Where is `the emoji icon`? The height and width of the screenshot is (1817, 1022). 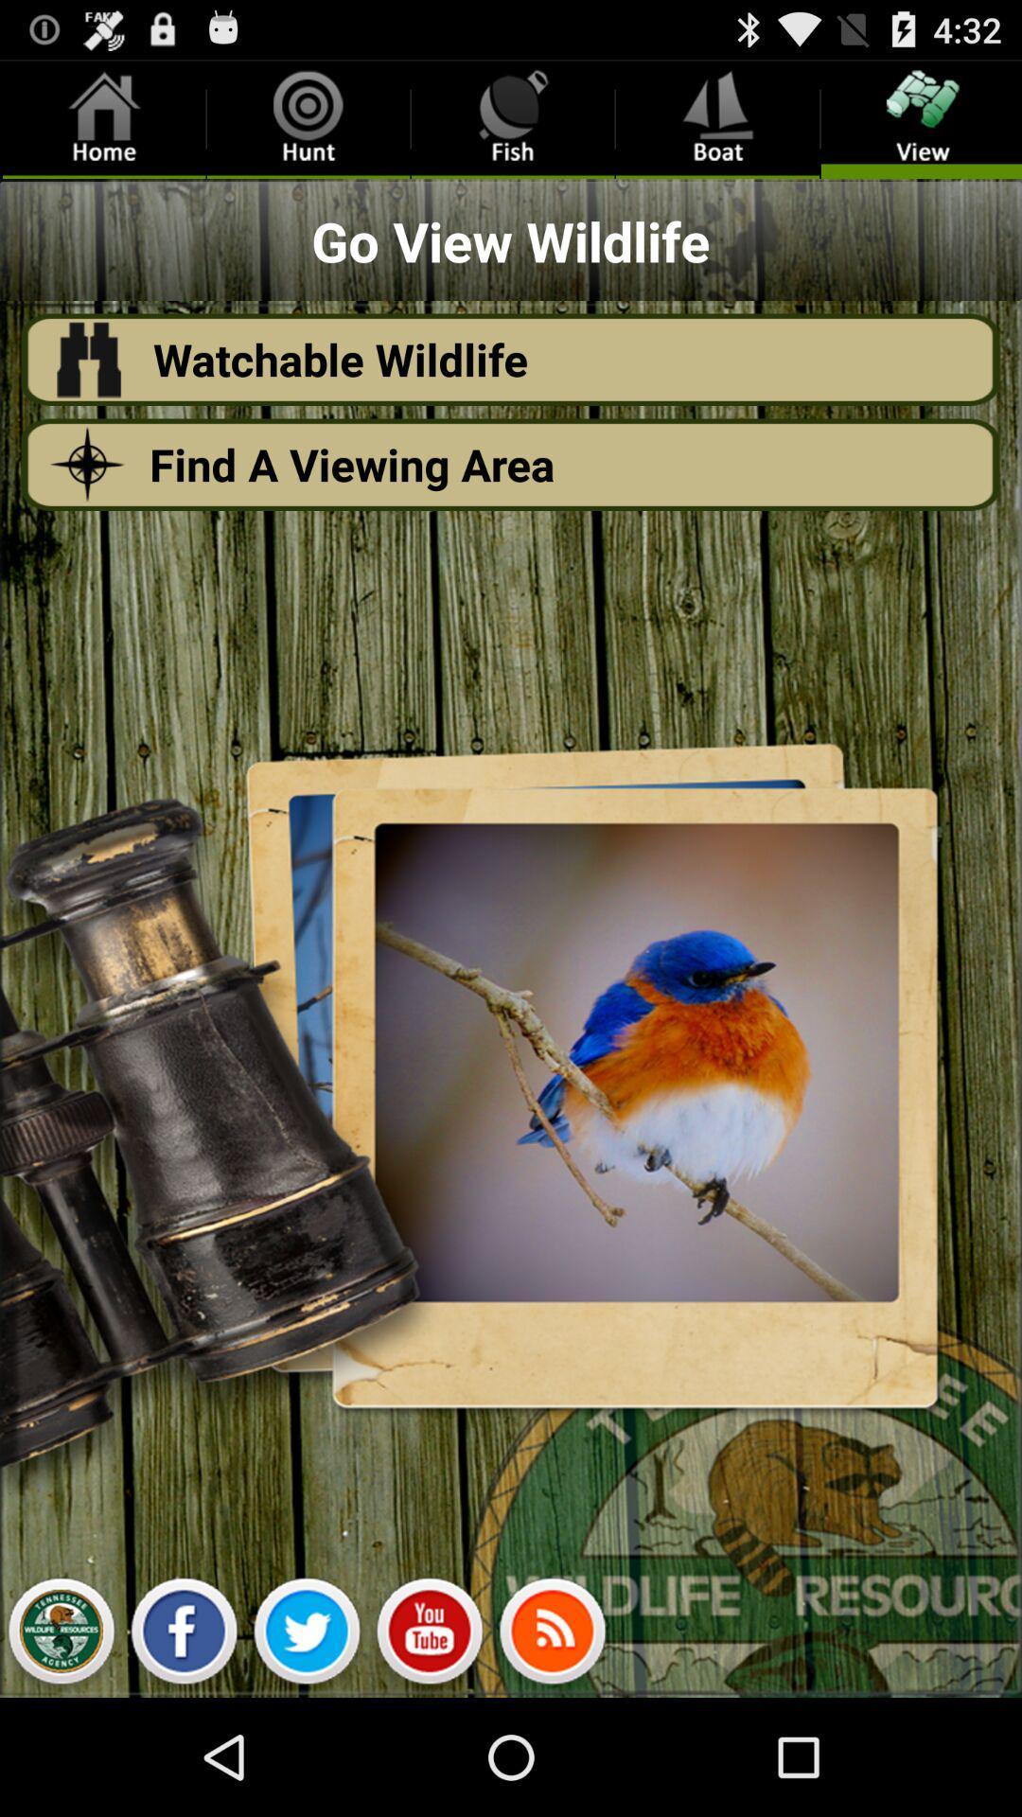
the emoji icon is located at coordinates (430, 1750).